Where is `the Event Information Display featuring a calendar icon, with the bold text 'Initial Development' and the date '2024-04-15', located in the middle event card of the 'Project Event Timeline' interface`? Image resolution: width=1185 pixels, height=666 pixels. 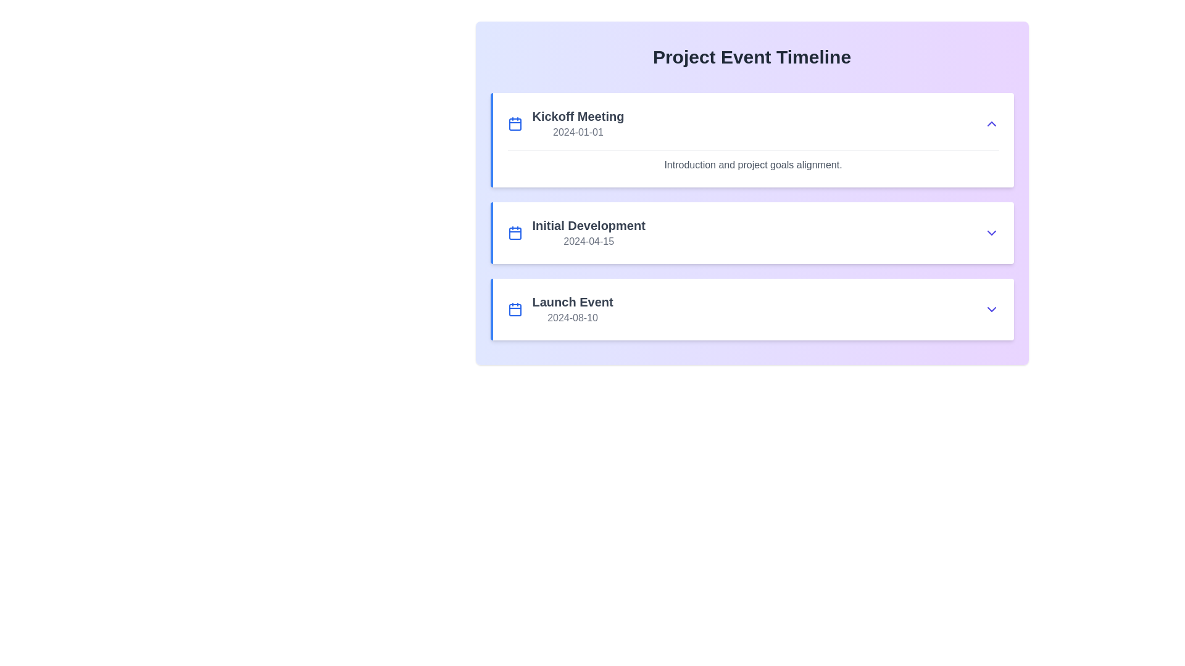 the Event Information Display featuring a calendar icon, with the bold text 'Initial Development' and the date '2024-04-15', located in the middle event card of the 'Project Event Timeline' interface is located at coordinates (576, 233).